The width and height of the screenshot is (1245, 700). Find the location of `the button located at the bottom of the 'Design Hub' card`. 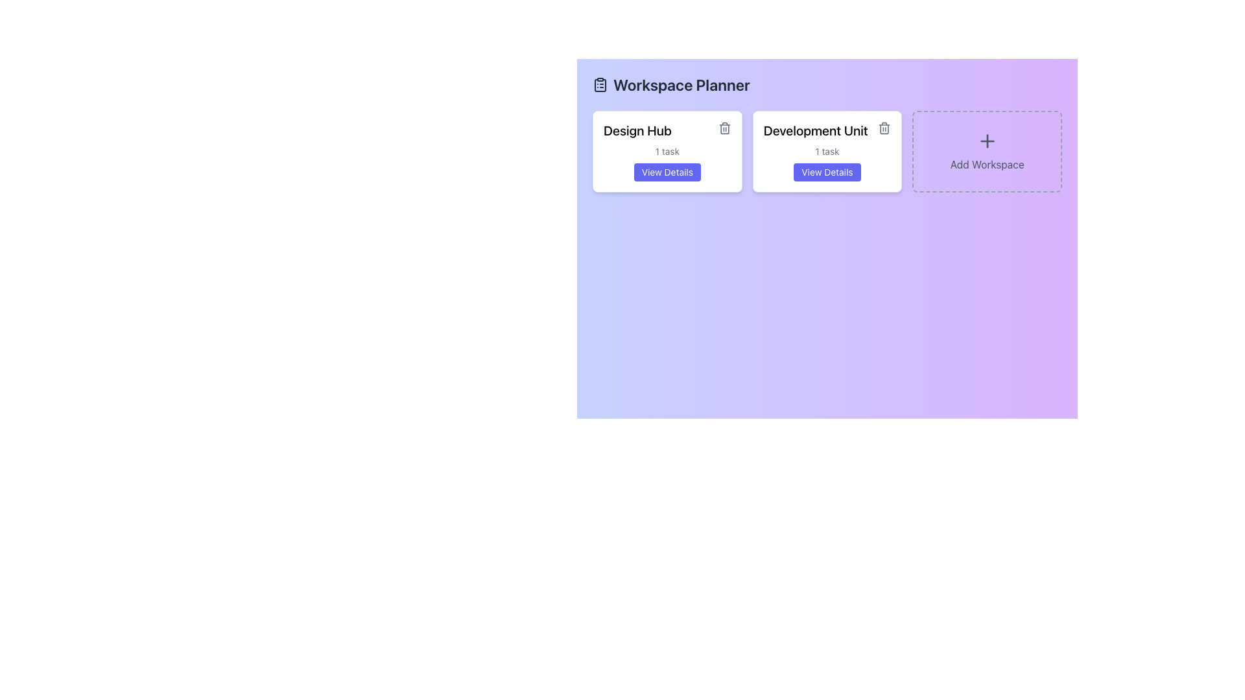

the button located at the bottom of the 'Design Hub' card is located at coordinates (667, 172).